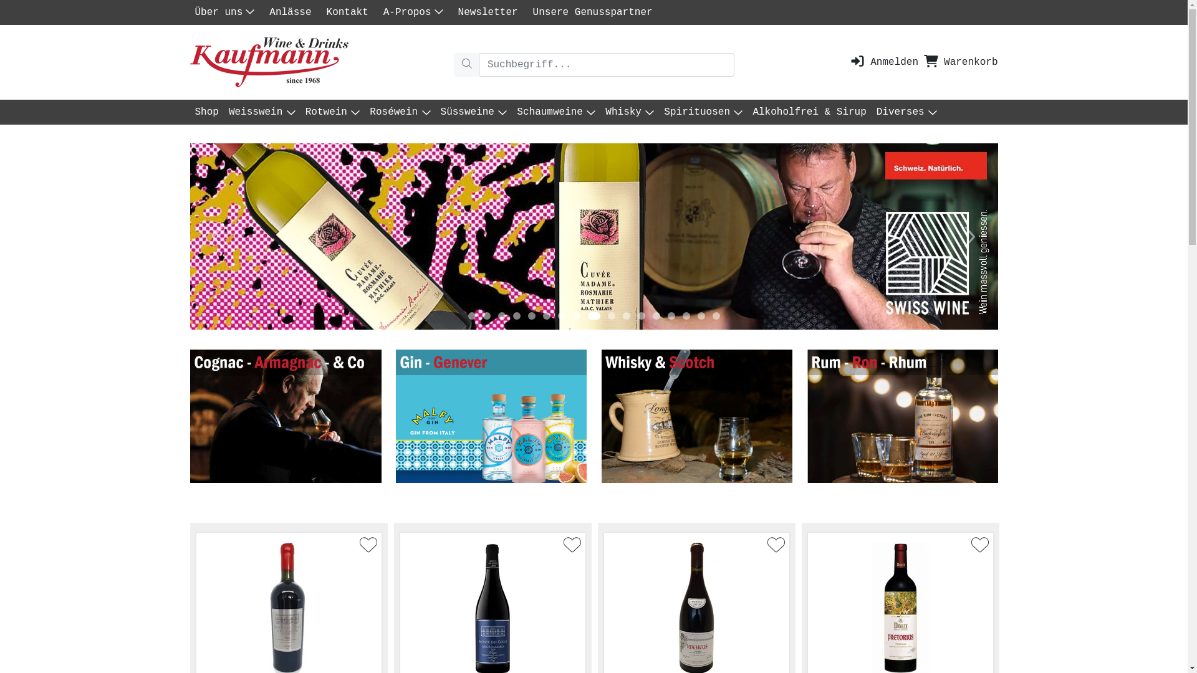 The image size is (1197, 673). What do you see at coordinates (332, 112) in the screenshot?
I see `'Rotwein'` at bounding box center [332, 112].